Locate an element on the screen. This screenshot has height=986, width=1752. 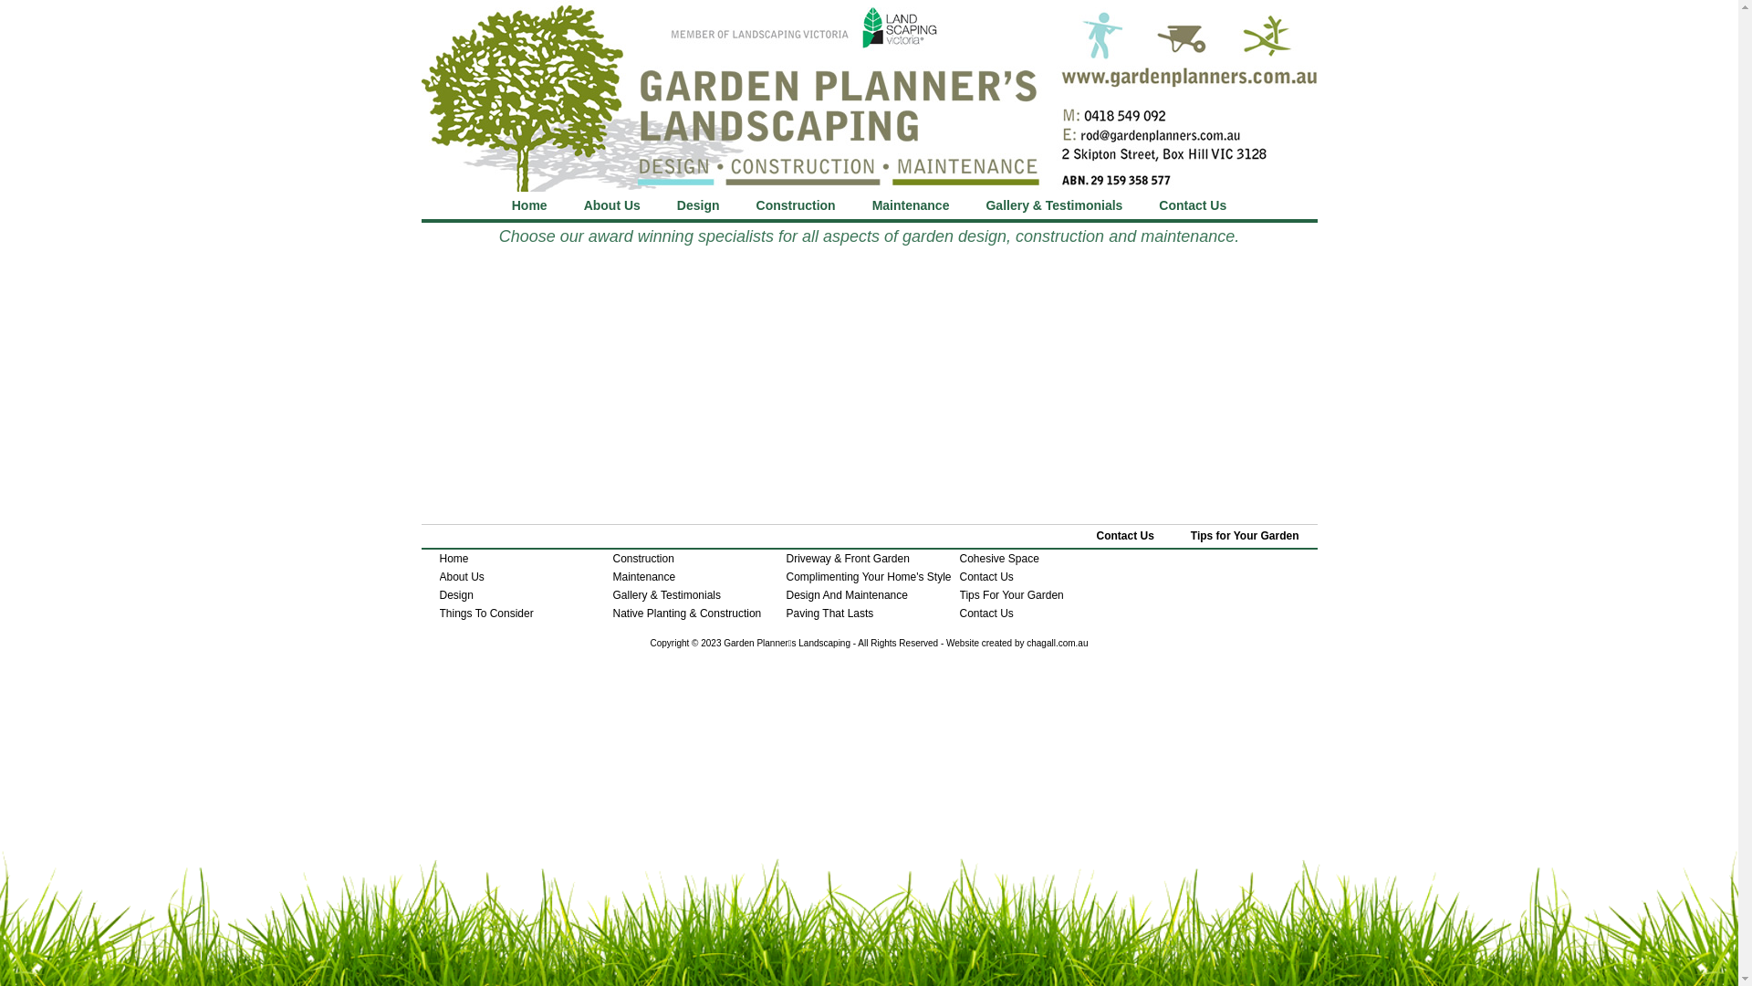
'Cohesive Space' is located at coordinates (998, 558).